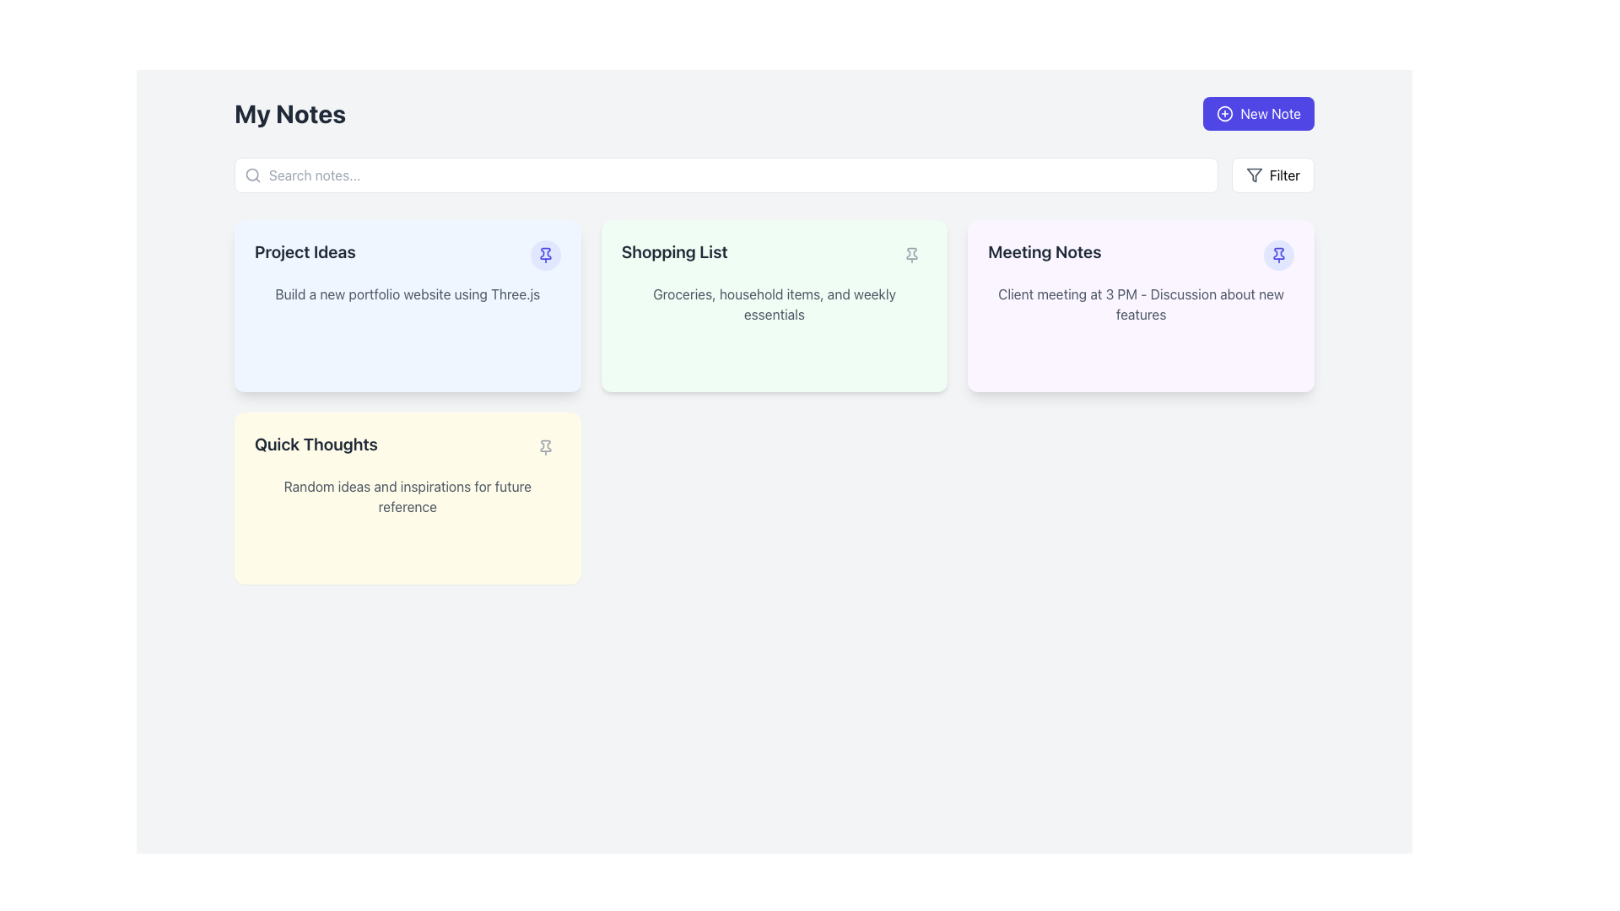  I want to click on the pushpin icon button located at the top-right corner of the 'Quick Thoughts' yellow card to pin or unpin the card, so click(545, 447).